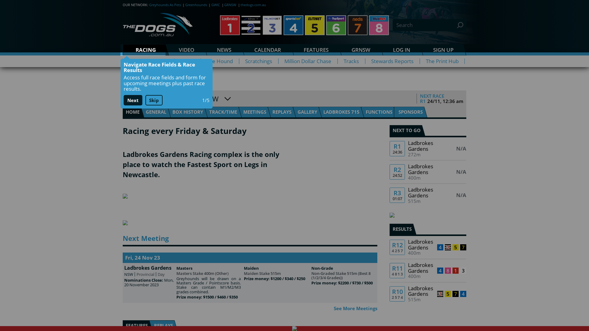 The width and height of the screenshot is (589, 331). What do you see at coordinates (355, 308) in the screenshot?
I see `'See More Meetings'` at bounding box center [355, 308].